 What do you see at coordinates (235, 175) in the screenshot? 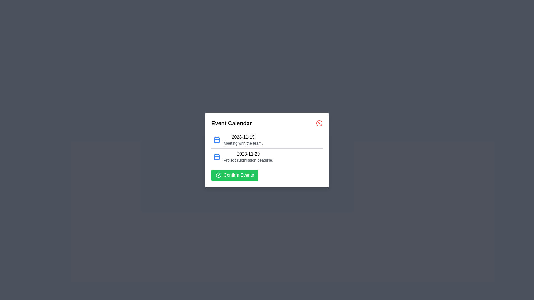
I see `the 'Confirm Events' button to confirm the listed events` at bounding box center [235, 175].